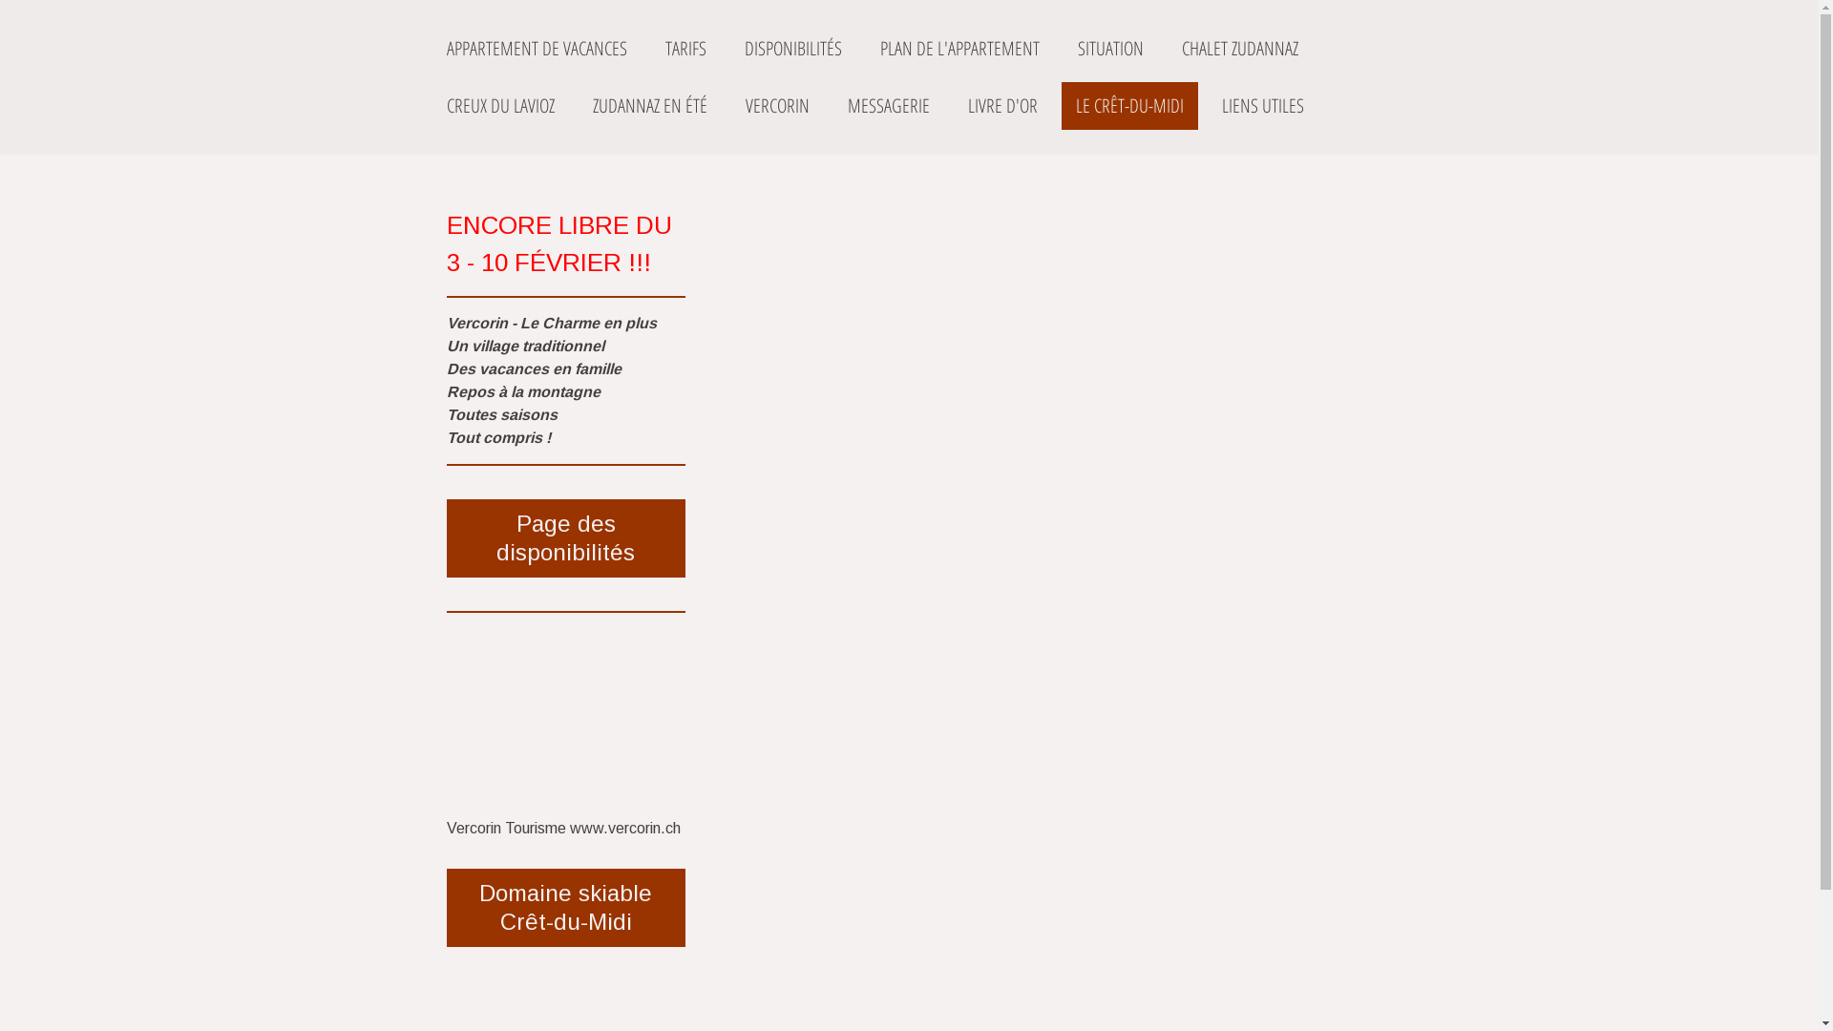  I want to click on 'MESSAGERIE', so click(887, 106).